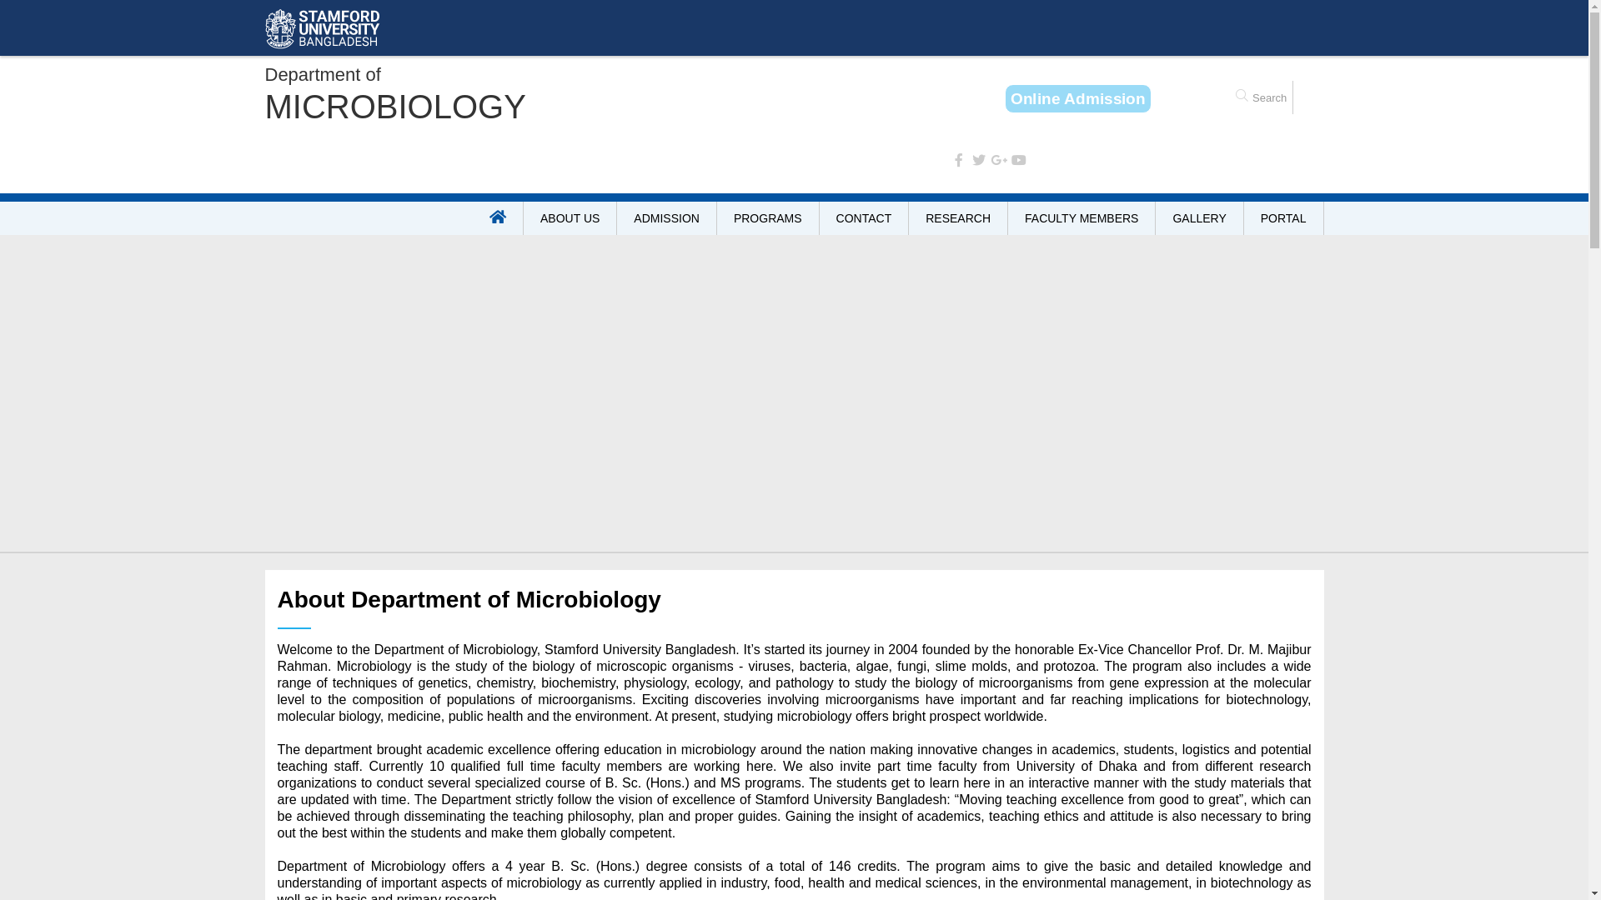 The width and height of the screenshot is (1601, 900). Describe the element at coordinates (958, 217) in the screenshot. I see `'RESEARCH'` at that location.